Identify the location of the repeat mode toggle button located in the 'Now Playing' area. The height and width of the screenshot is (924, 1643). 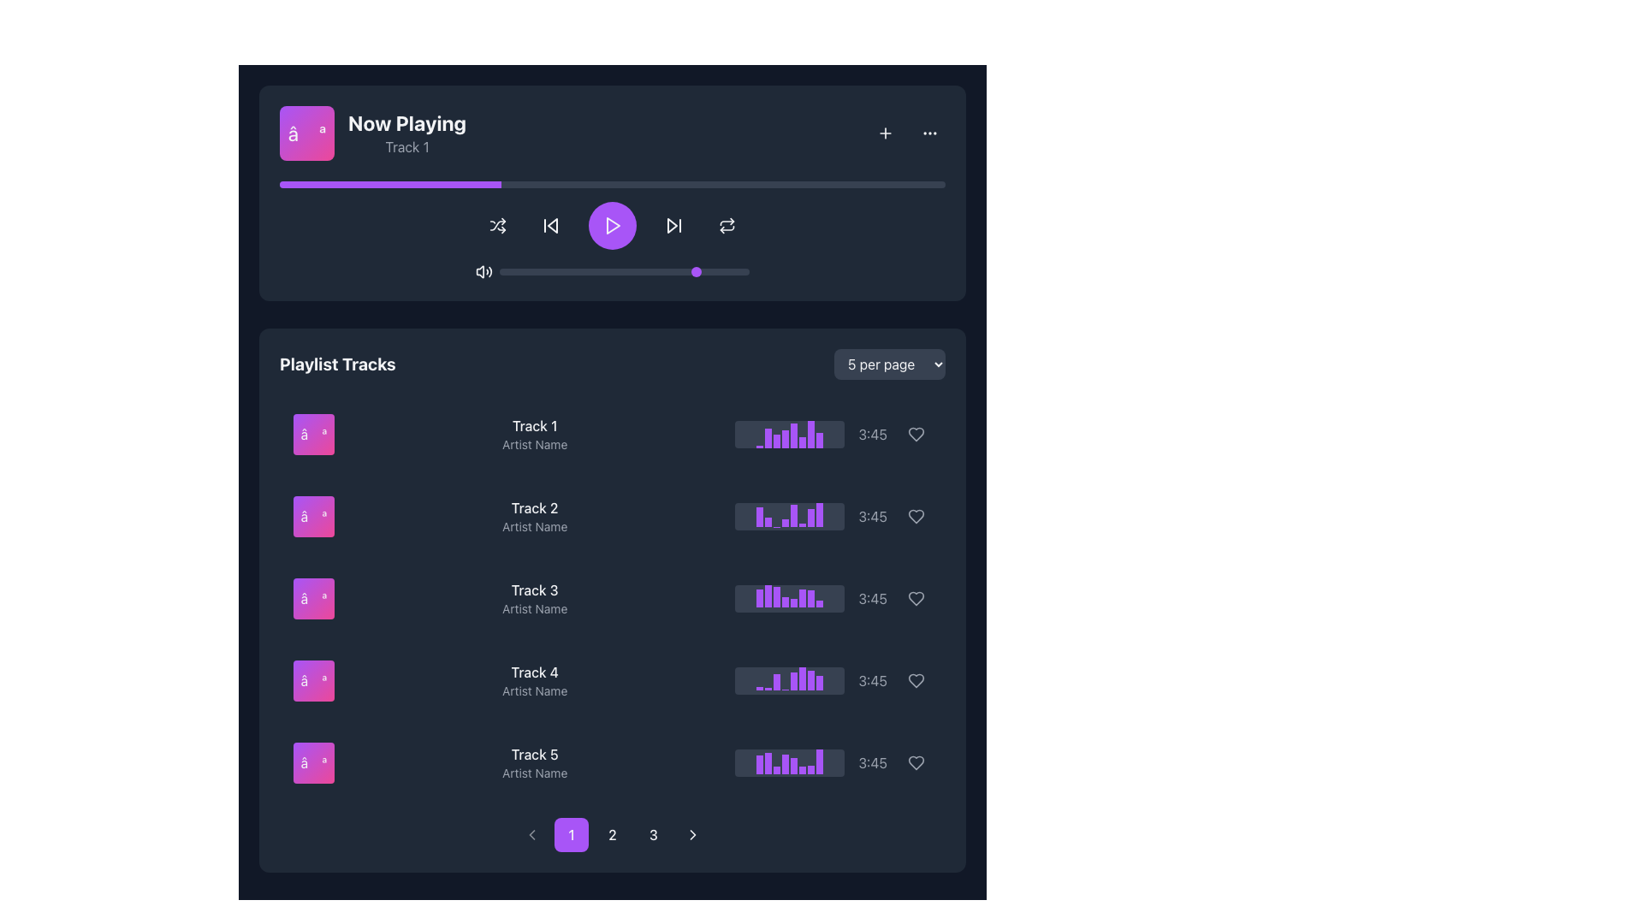
(727, 224).